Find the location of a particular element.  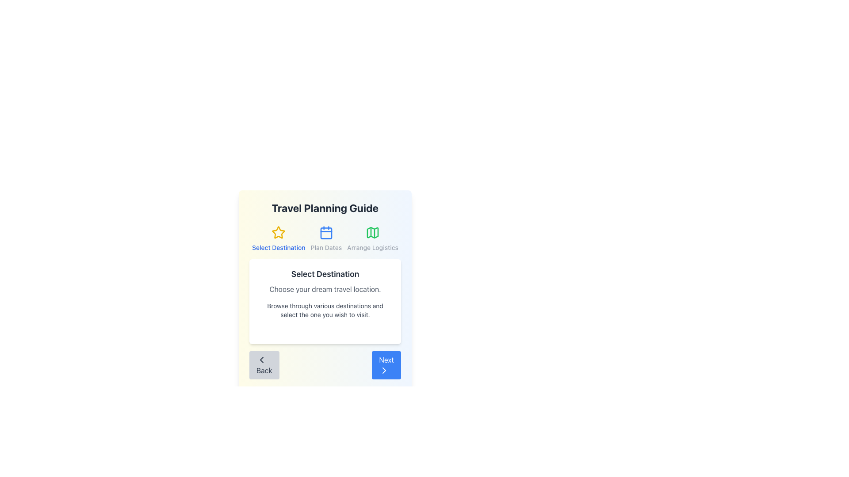

the icon that represents the first destination step in the Travel Planning Guide panel, located above the text labeled 'Select Destination' is located at coordinates (278, 231).